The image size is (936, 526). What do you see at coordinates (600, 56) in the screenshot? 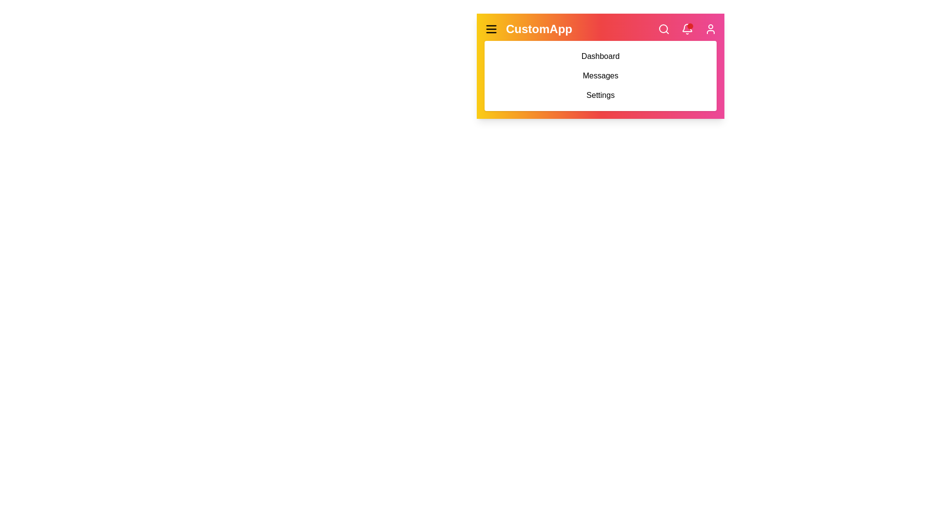
I see `the menu item Dashboard from the options 'Dashboard', 'Messages', and 'Settings'` at bounding box center [600, 56].